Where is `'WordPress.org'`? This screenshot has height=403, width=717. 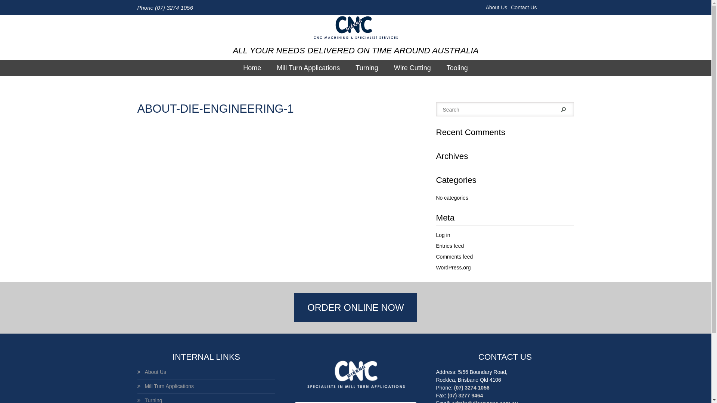
'WordPress.org' is located at coordinates (453, 267).